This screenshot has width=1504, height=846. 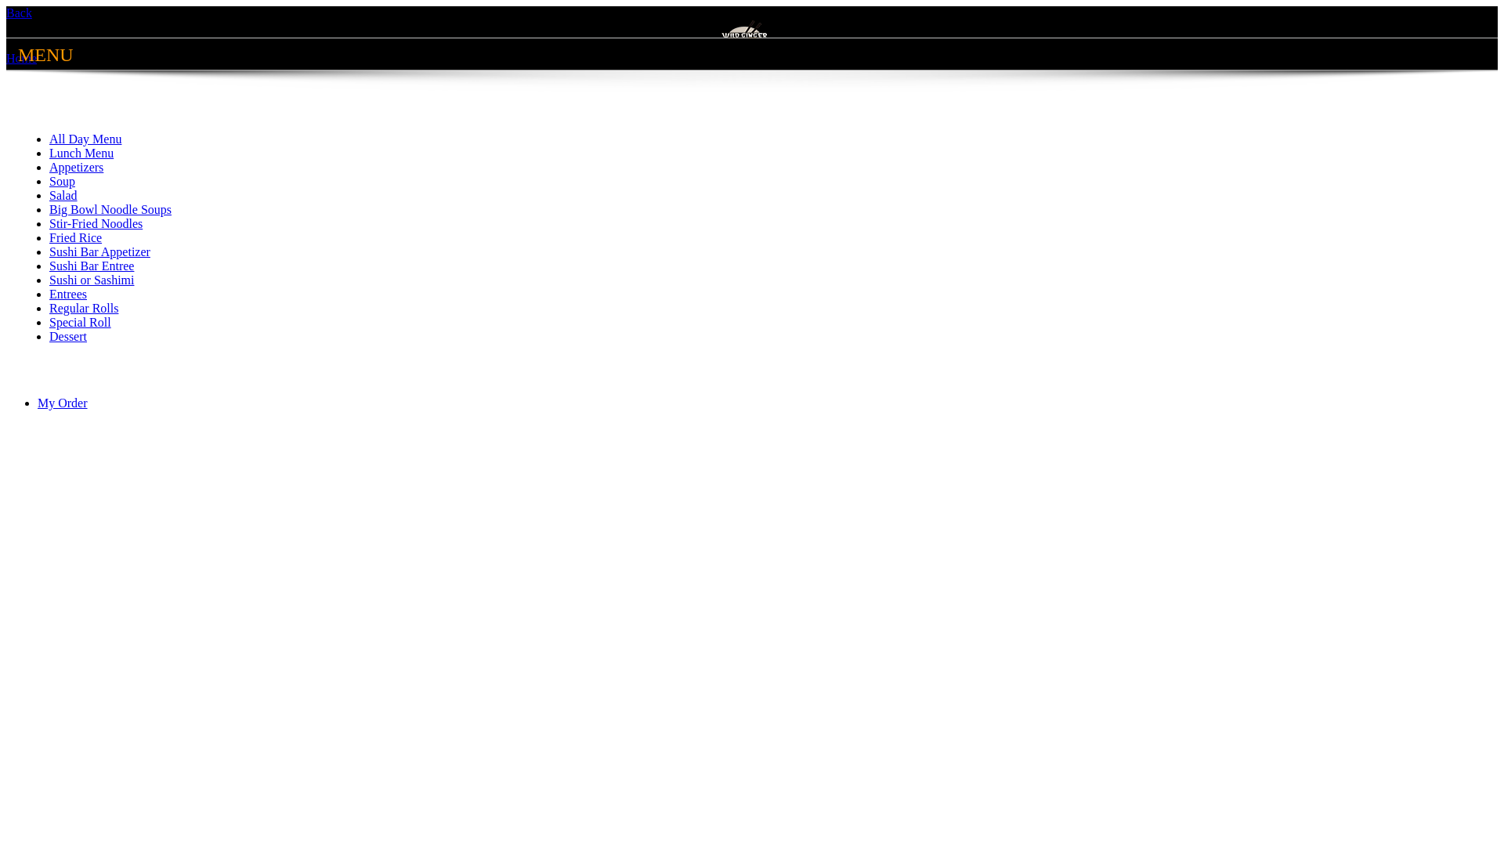 I want to click on 'Fried Rice', so click(x=74, y=237).